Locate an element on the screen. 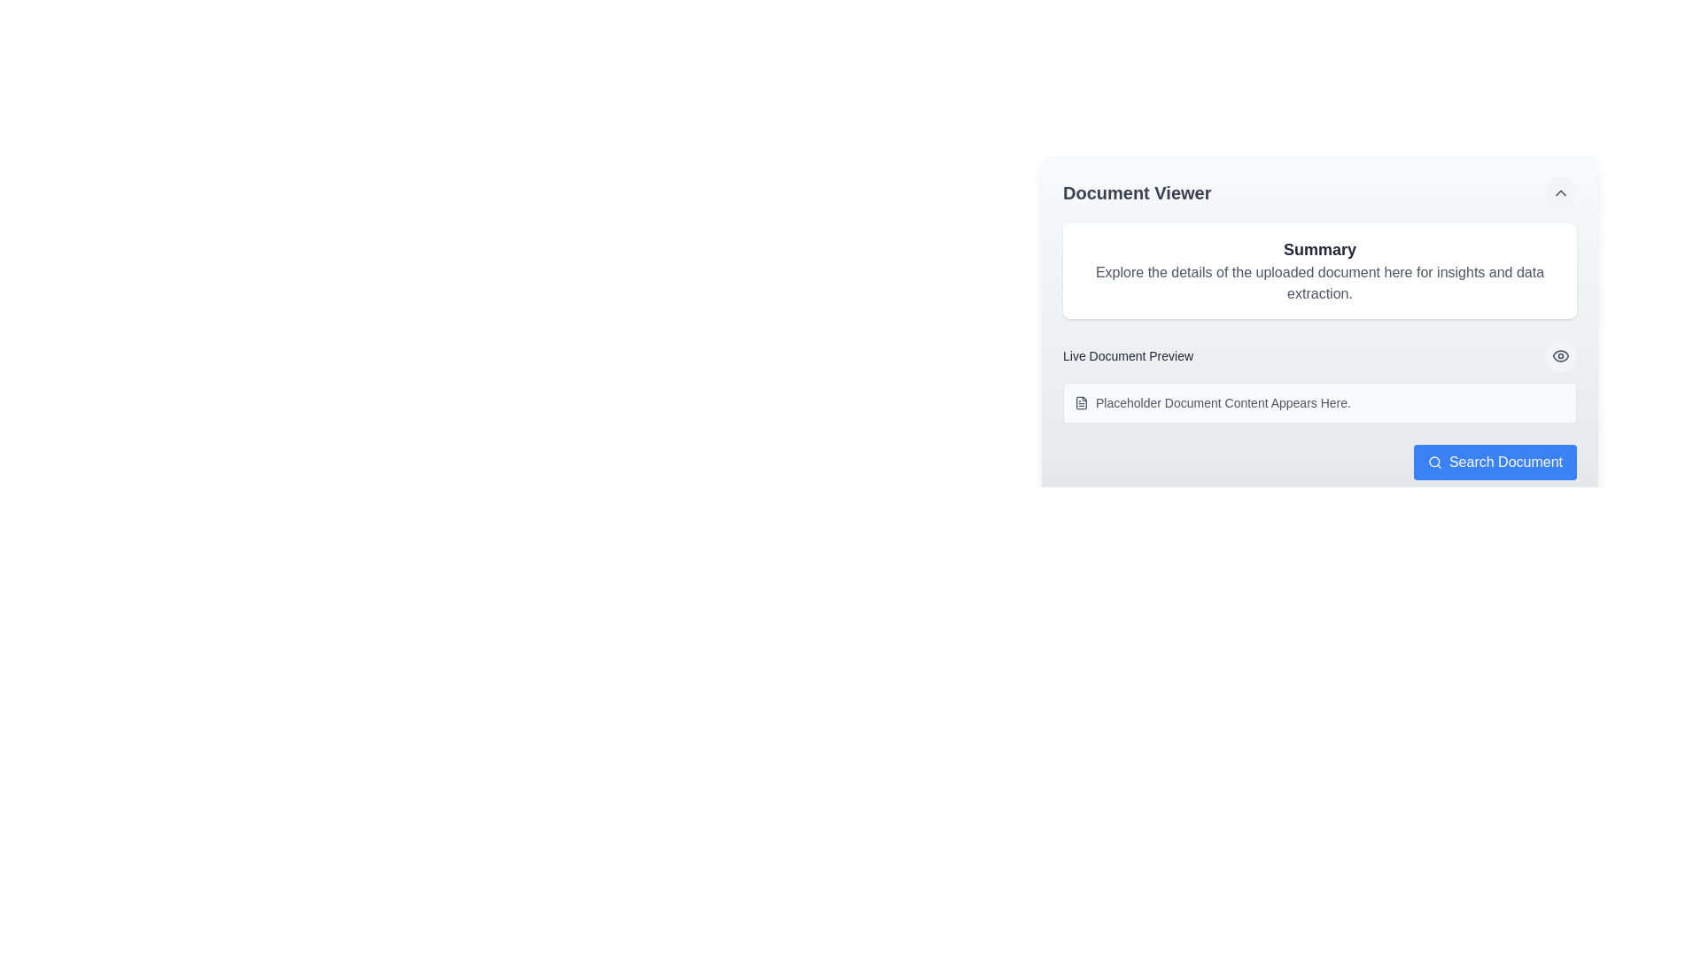 The height and width of the screenshot is (957, 1701). the chevron up SVG icon located within the circular button at the top-right corner of the 'Document Viewer' dialog is located at coordinates (1560, 193).